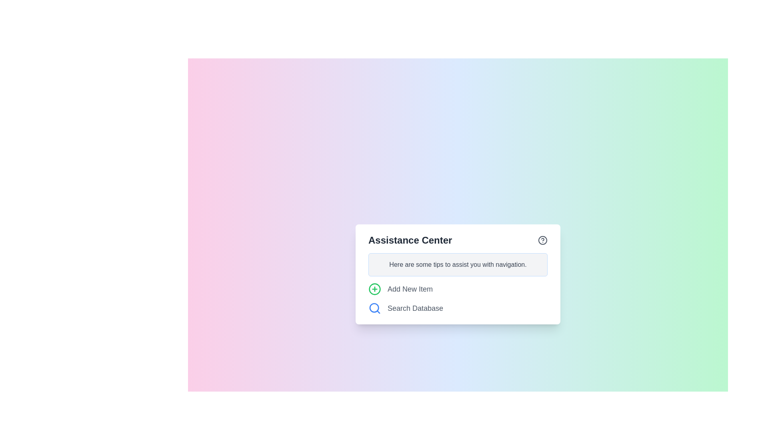  I want to click on text content of the label that says 'Add New Item', which is styled in large gray font and located near a green plus-circle icon, so click(410, 289).